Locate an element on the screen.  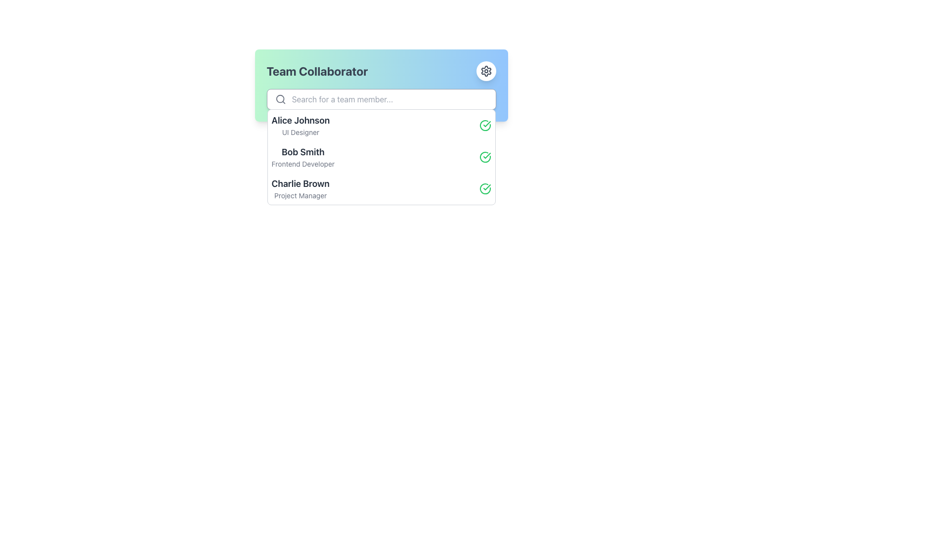
the status represented by the circular icon with a green outline and checkmark, located at the far right side of the row labeled 'Bob Smith - Frontend Developer' is located at coordinates (485, 156).